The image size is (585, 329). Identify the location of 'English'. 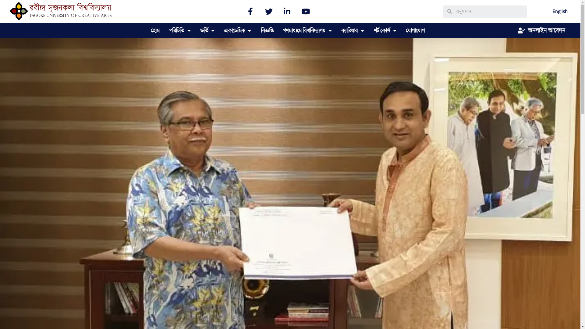
(560, 12).